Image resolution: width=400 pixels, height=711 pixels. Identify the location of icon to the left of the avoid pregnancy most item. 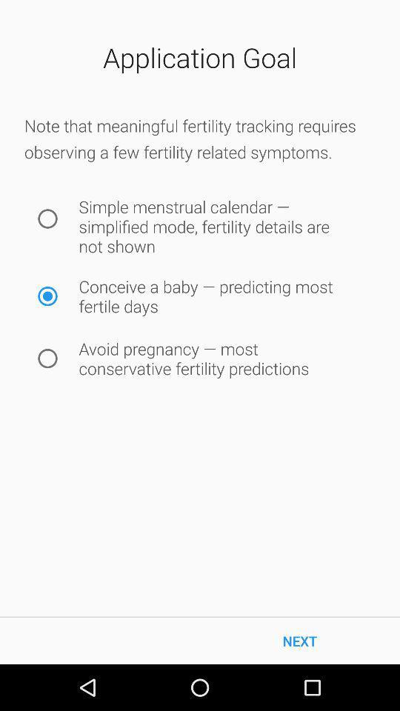
(47, 358).